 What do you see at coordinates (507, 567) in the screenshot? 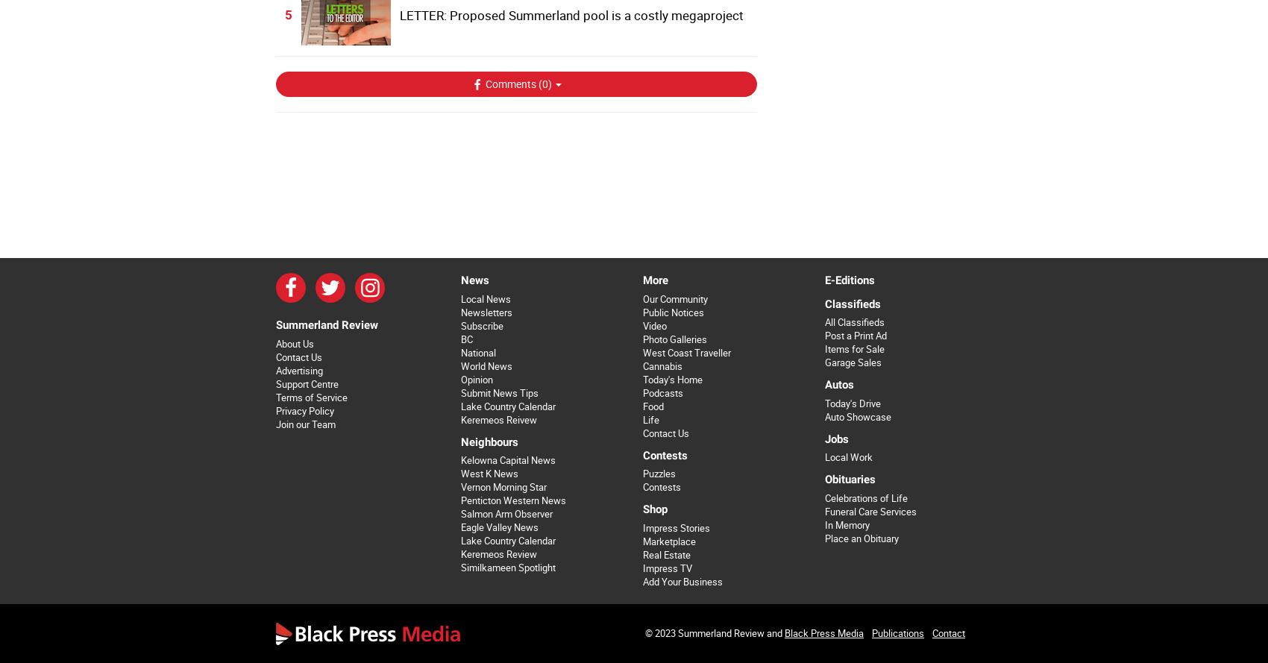
I see `'Similkameen Spotlight'` at bounding box center [507, 567].